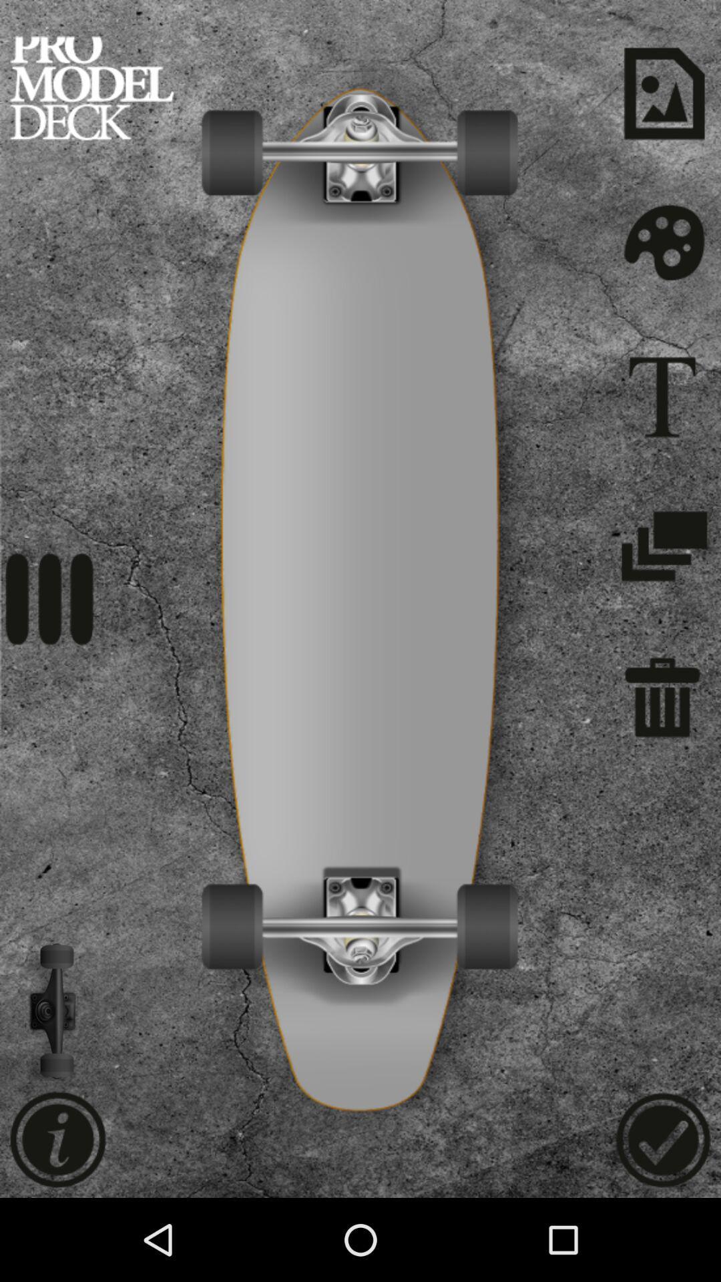  I want to click on the volume icon, so click(52, 1082).